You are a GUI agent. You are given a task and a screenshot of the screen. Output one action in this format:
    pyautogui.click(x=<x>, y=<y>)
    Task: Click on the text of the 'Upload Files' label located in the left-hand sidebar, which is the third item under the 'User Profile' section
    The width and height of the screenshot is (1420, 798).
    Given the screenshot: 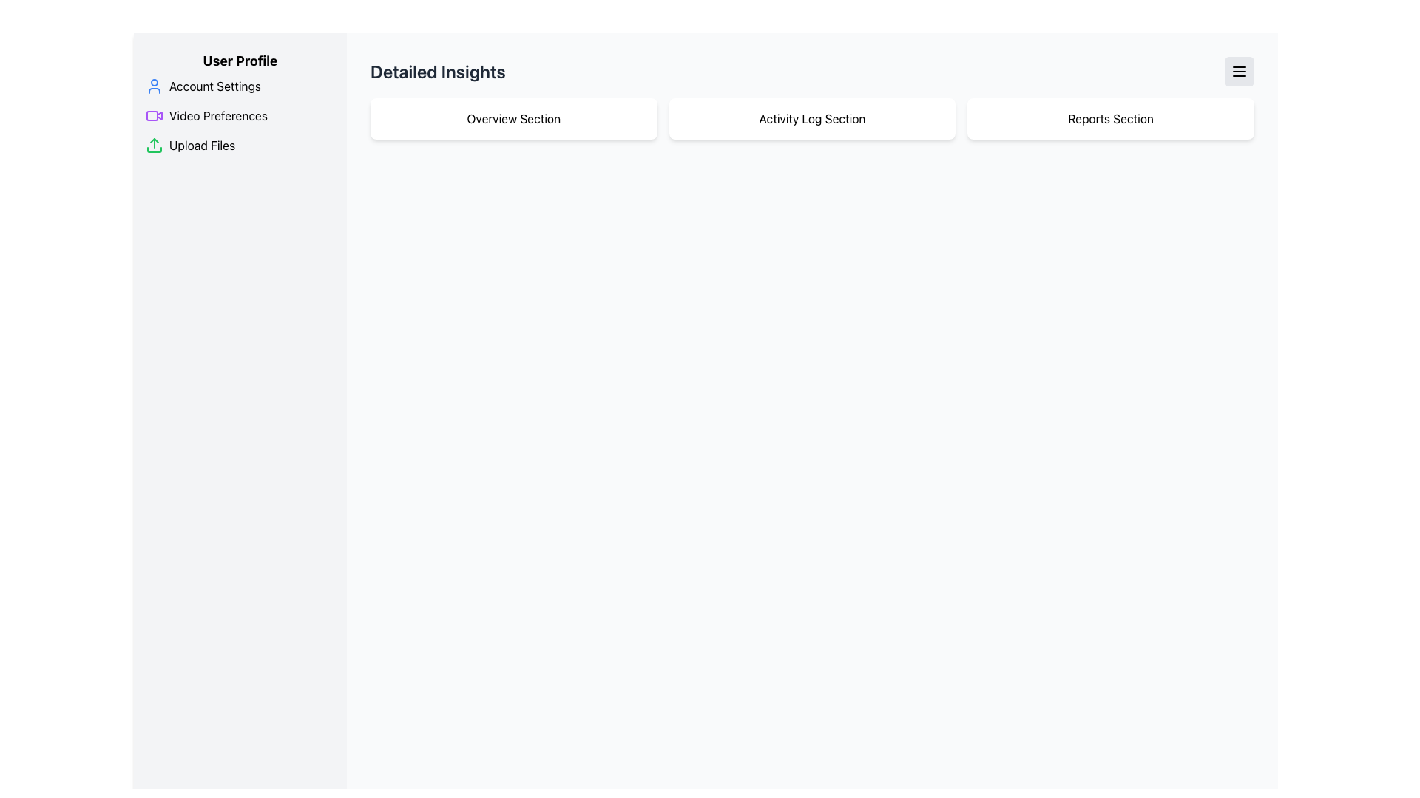 What is the action you would take?
    pyautogui.click(x=201, y=145)
    